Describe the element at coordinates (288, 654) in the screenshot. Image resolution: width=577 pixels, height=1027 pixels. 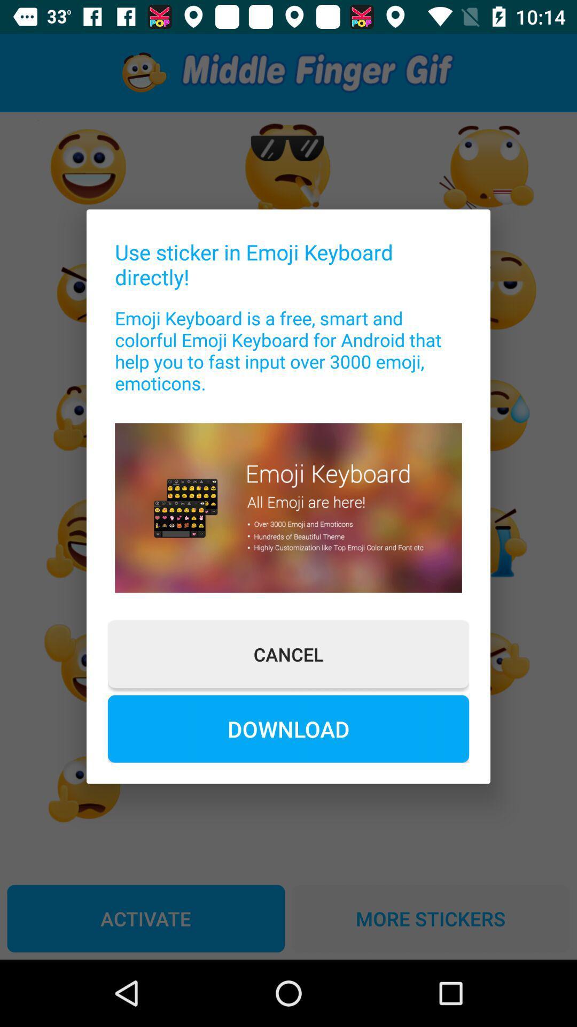
I see `the cancel item` at that location.